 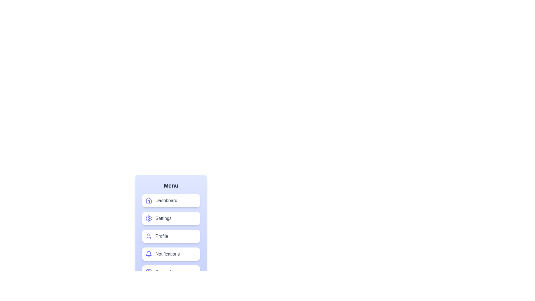 What do you see at coordinates (171, 201) in the screenshot?
I see `the 'Dashboard' button which is the first button in the vertical menu structure, located below the 'Menu' title and above other buttons` at bounding box center [171, 201].